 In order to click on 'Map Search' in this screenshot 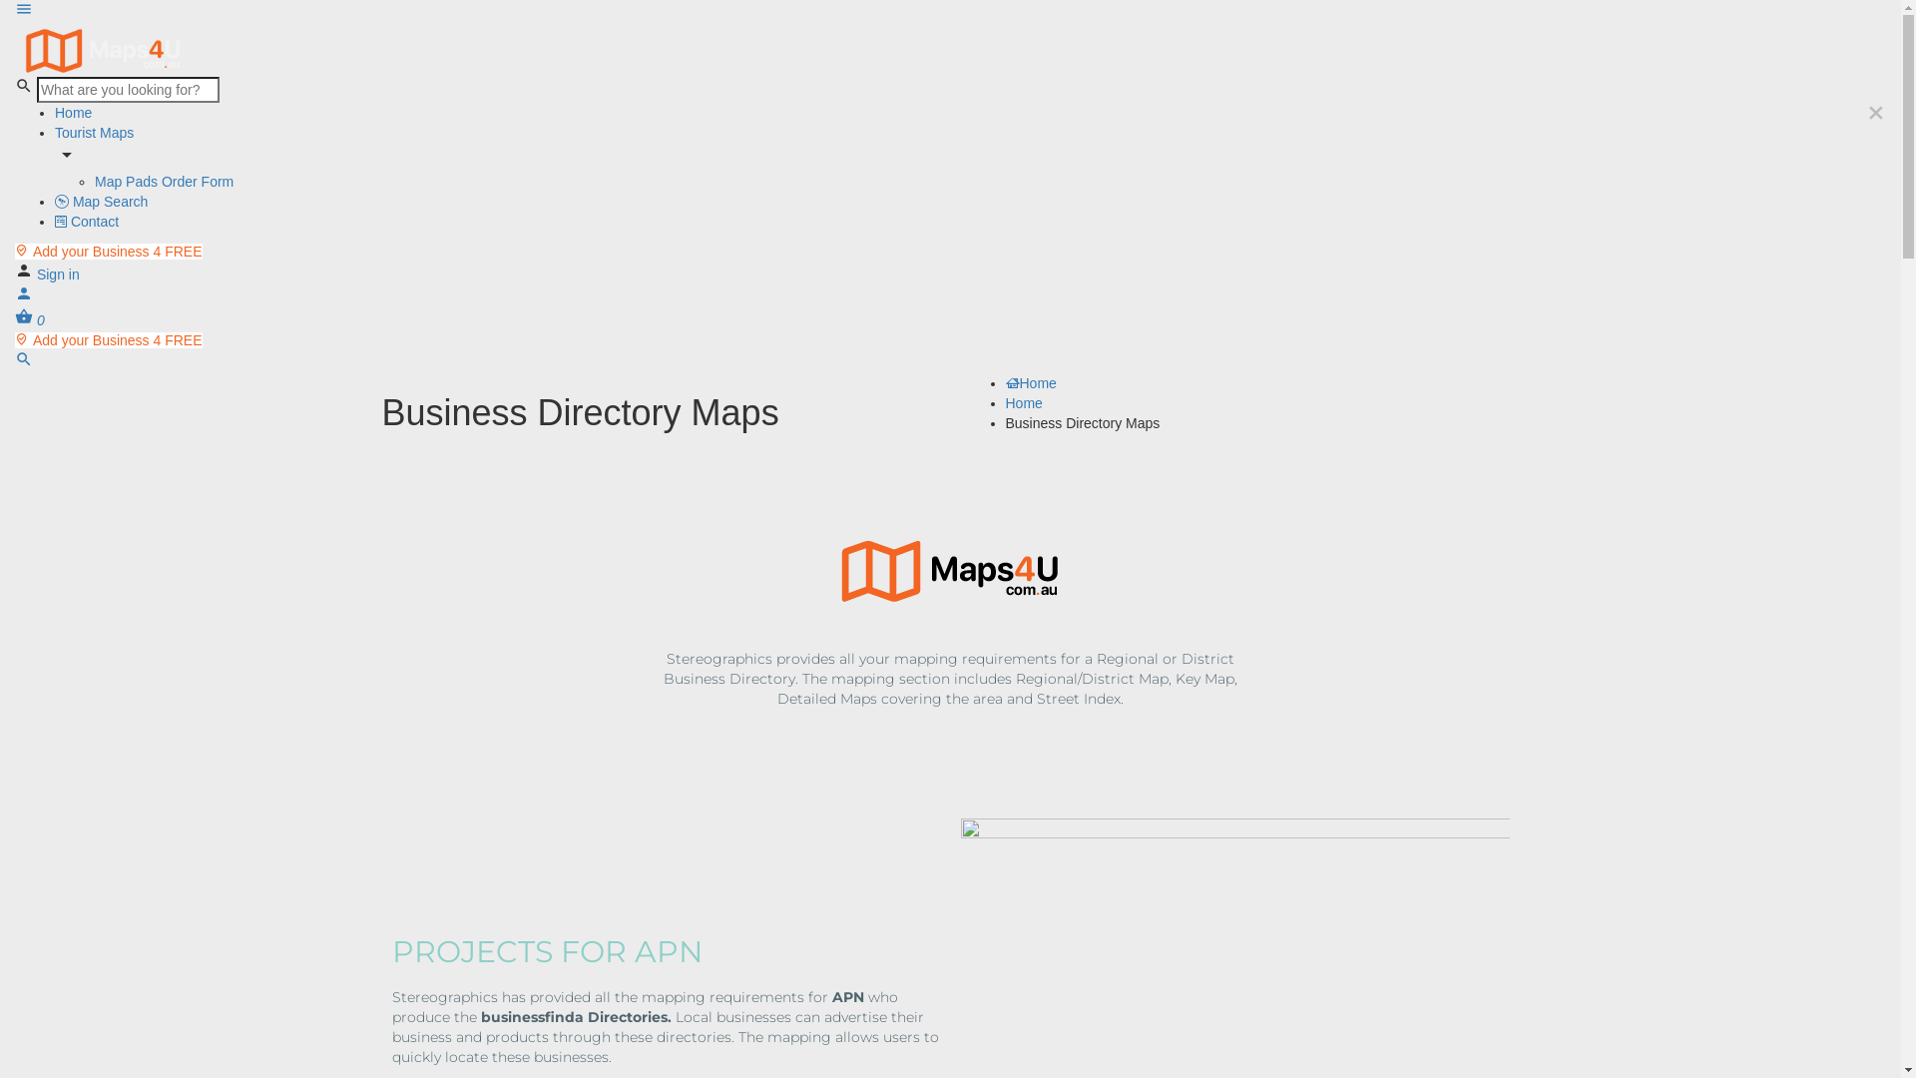, I will do `click(100, 201)`.